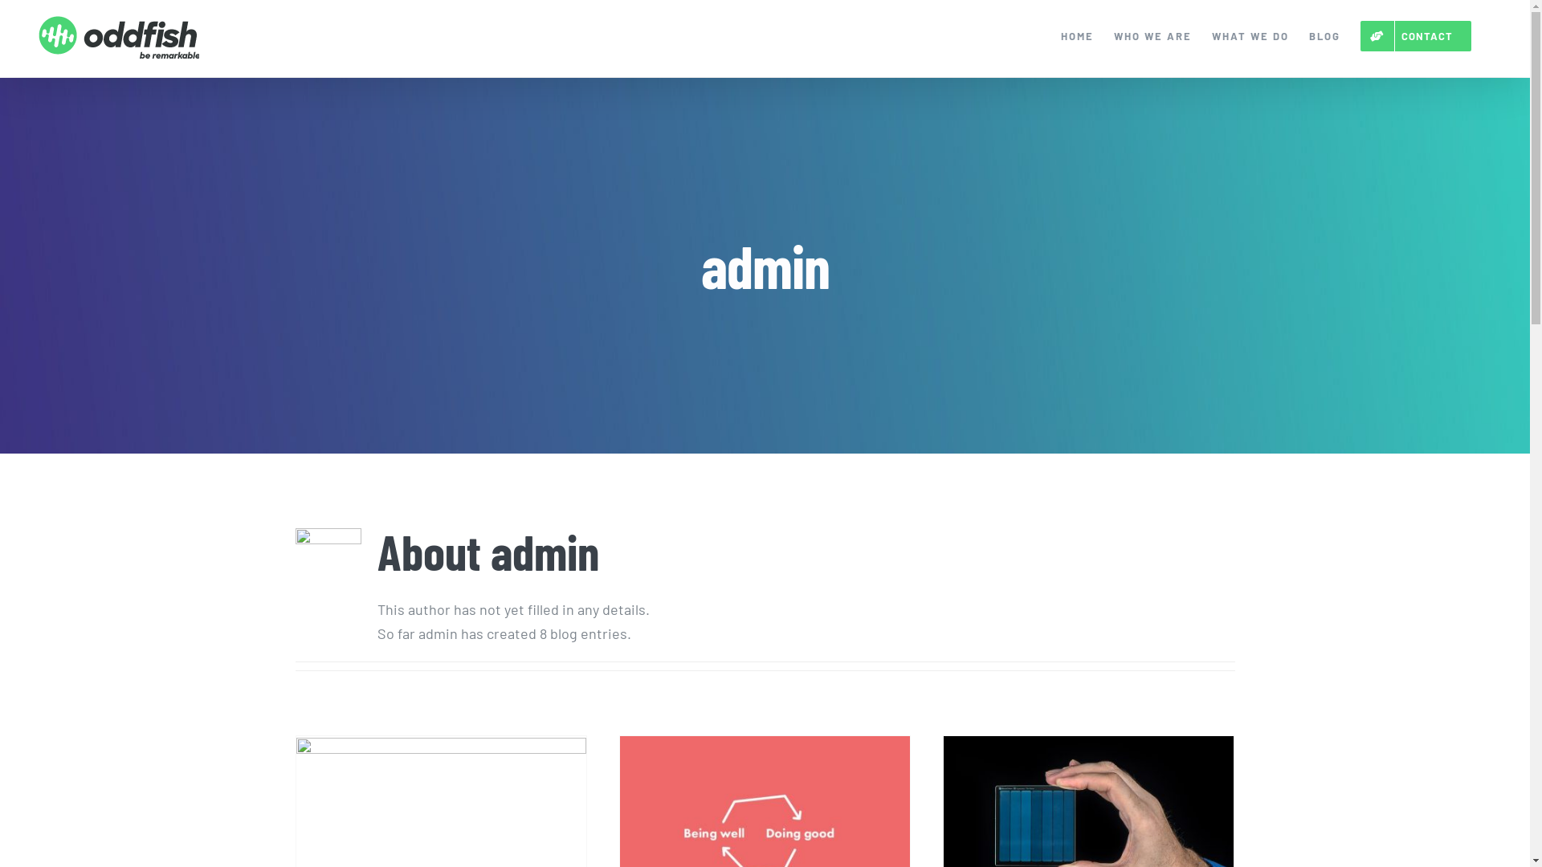 This screenshot has height=867, width=1542. Describe the element at coordinates (1152, 36) in the screenshot. I see `'WHO WE ARE'` at that location.